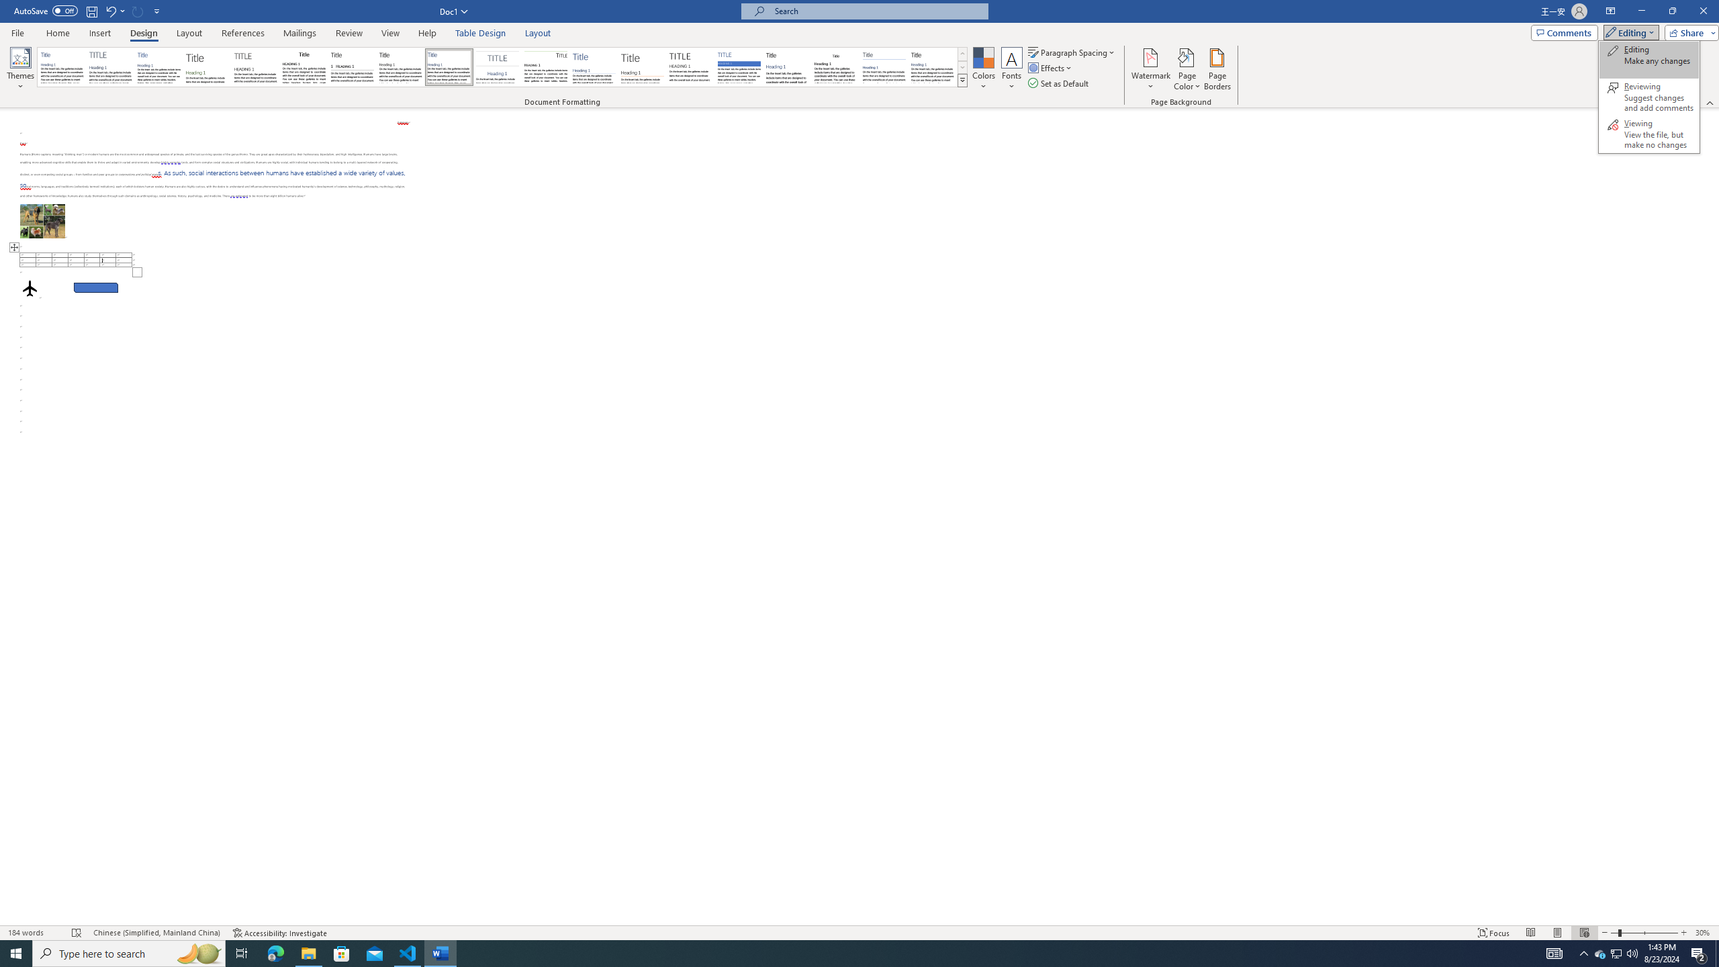 This screenshot has width=1719, height=967. I want to click on 'Basic (Stylish)', so click(207, 66).